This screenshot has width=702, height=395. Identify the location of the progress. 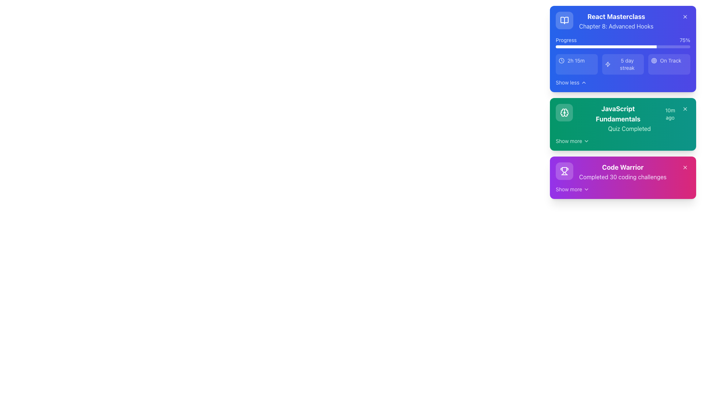
(649, 46).